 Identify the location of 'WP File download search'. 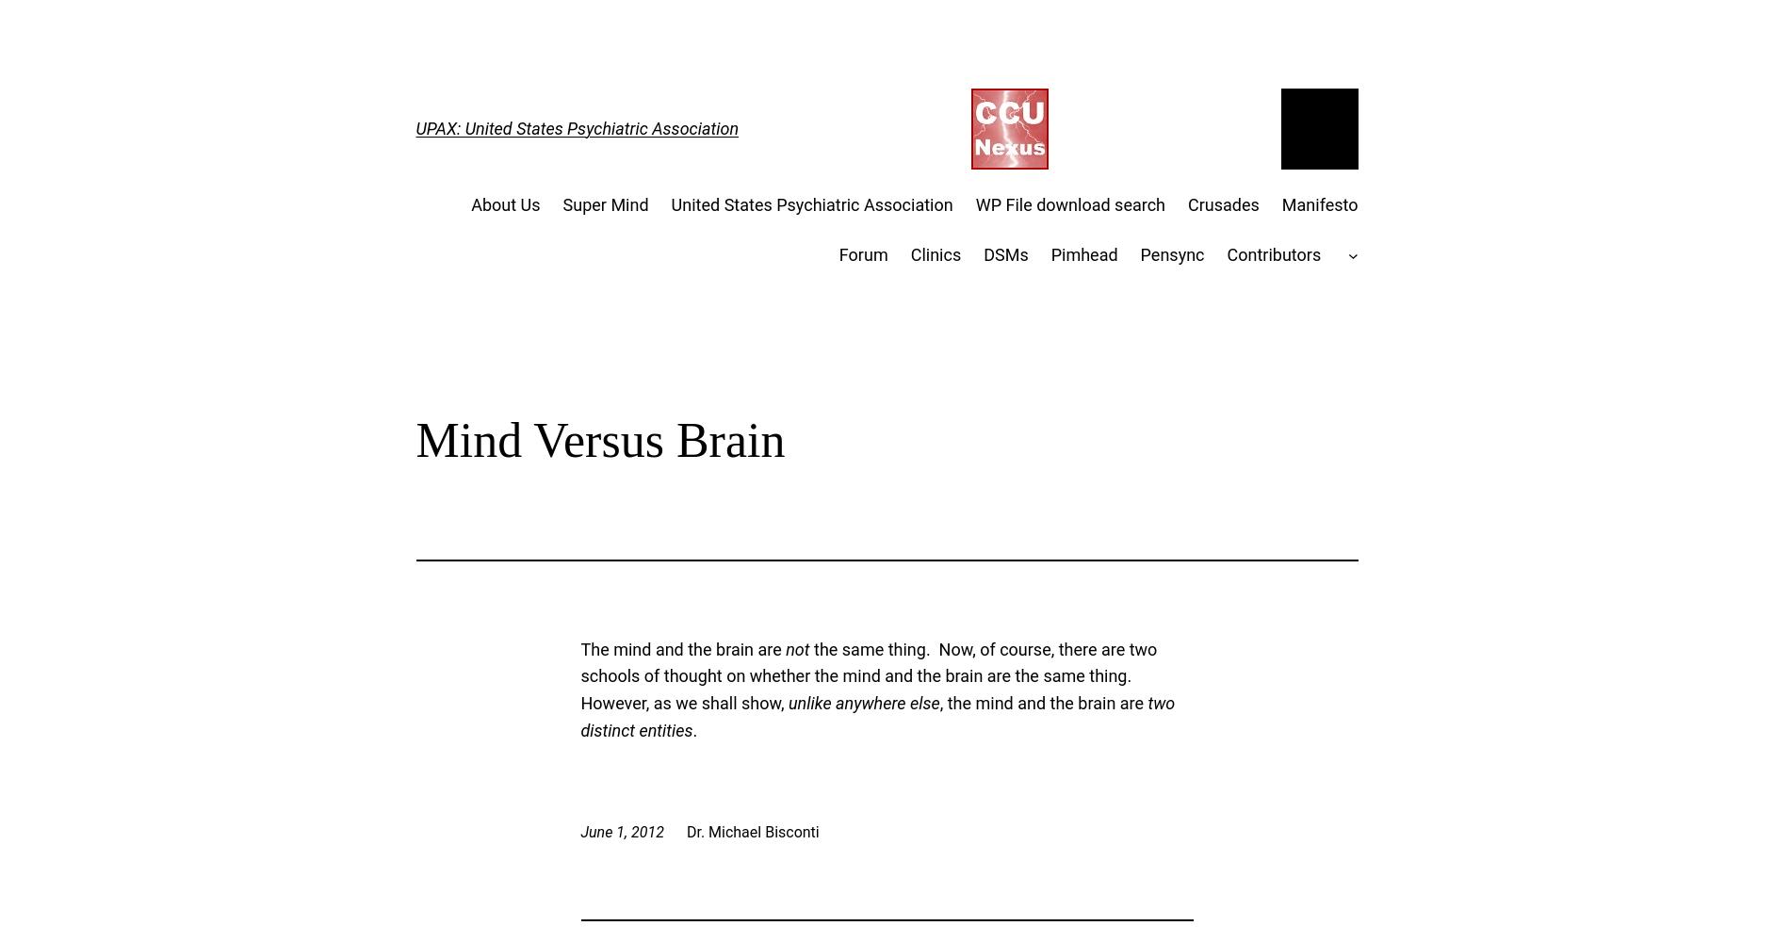
(1069, 203).